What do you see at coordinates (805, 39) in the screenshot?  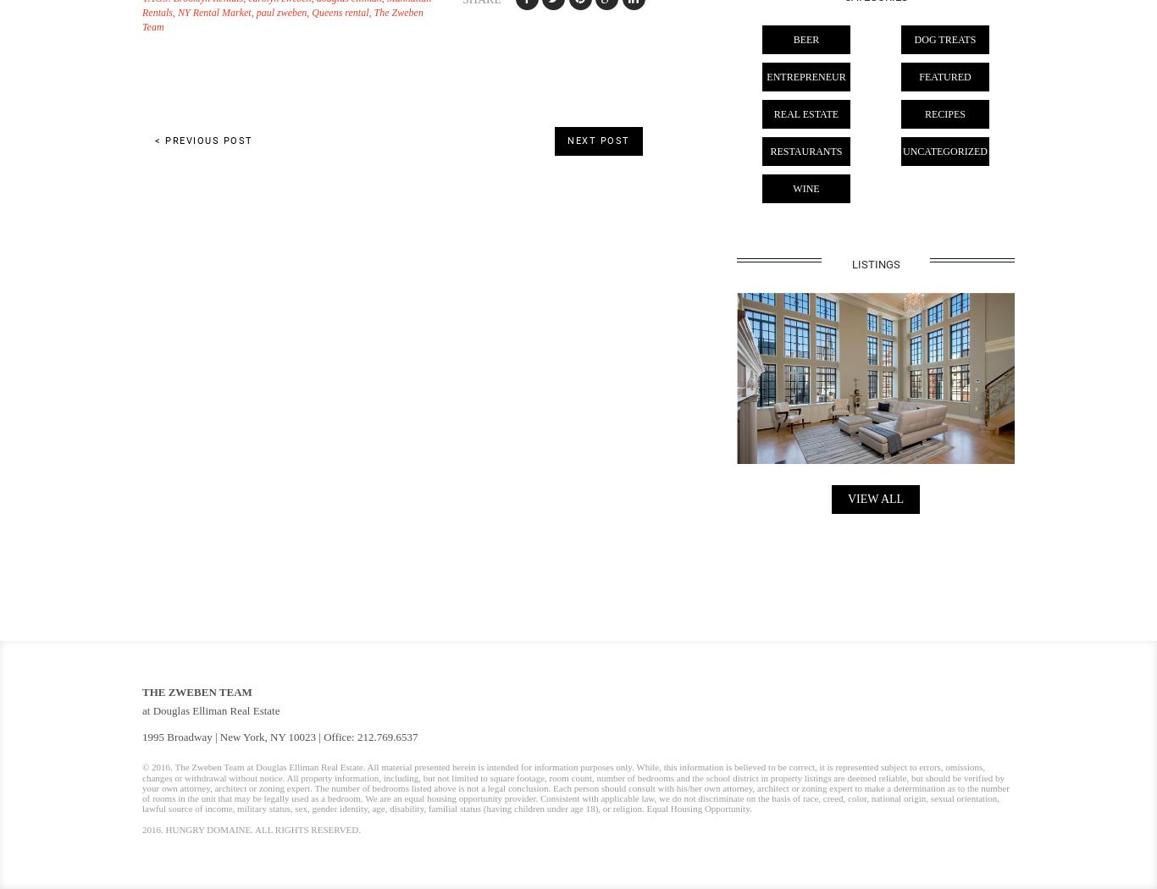 I see `'Beer'` at bounding box center [805, 39].